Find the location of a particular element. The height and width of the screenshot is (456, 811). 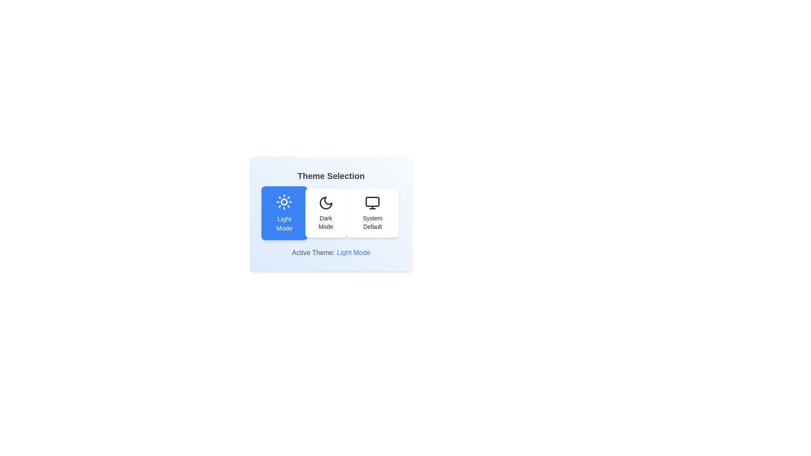

the button corresponding to the theme Light Mode is located at coordinates (284, 213).